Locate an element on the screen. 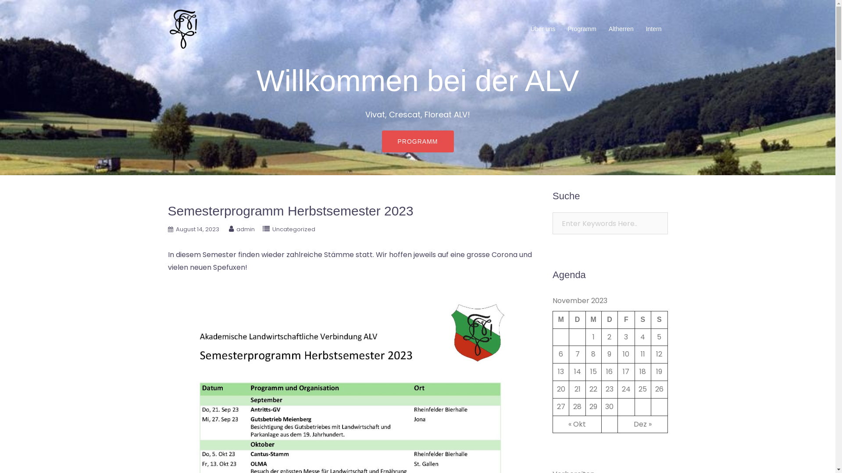  'Programm' is located at coordinates (582, 28).